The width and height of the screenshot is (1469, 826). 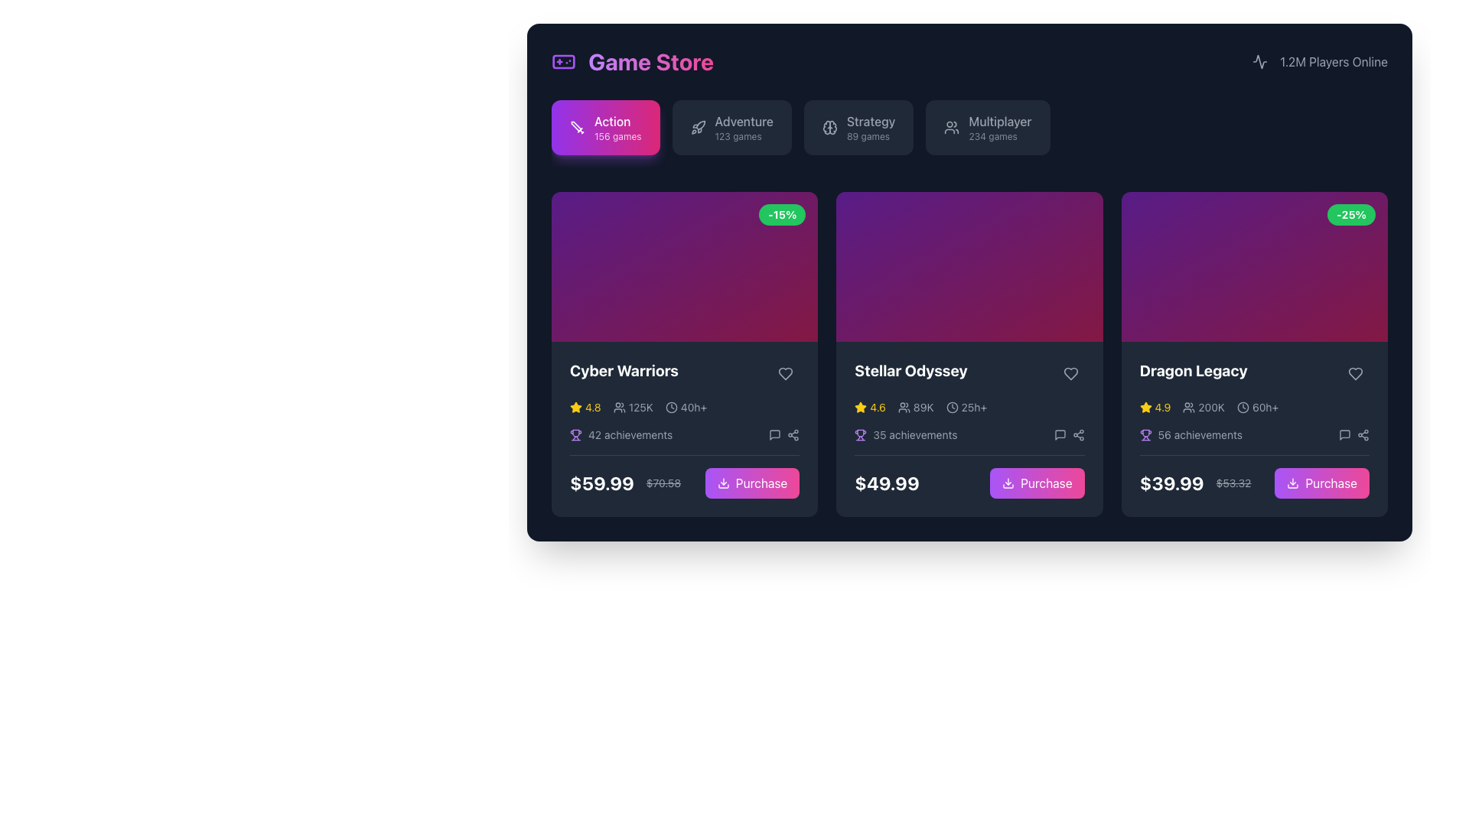 I want to click on the interactive icon representing a speech bubble located below the 'Dragon Legacy' game title, so click(x=1344, y=434).